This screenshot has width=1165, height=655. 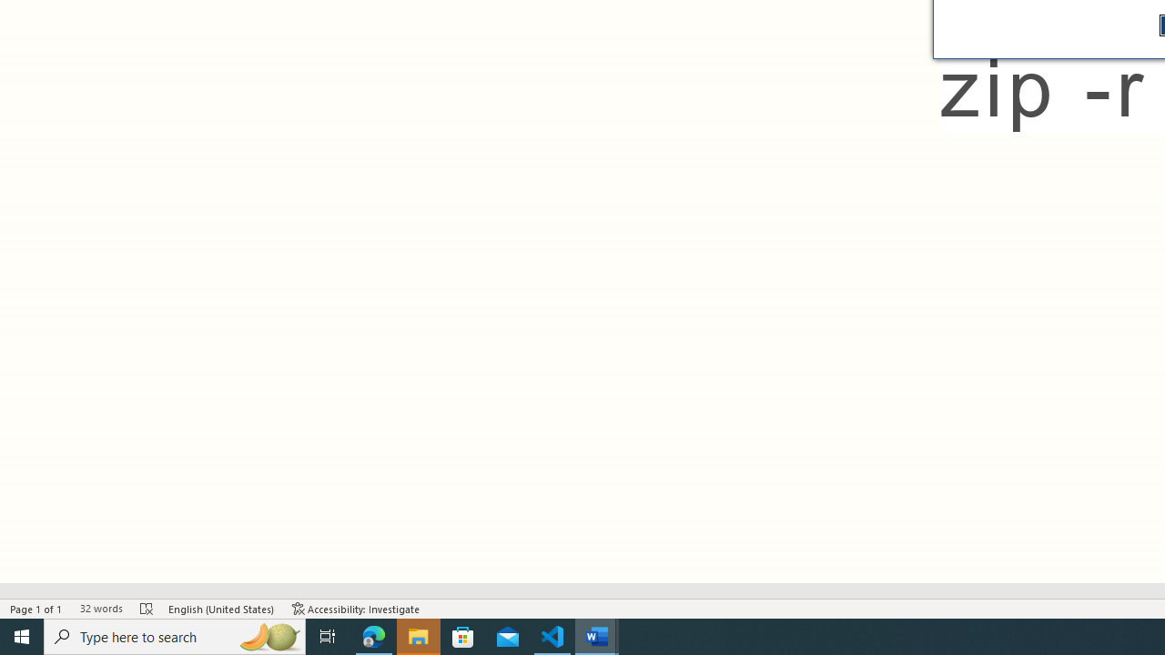 I want to click on 'Page Number Page 1 of 1', so click(x=36, y=609).